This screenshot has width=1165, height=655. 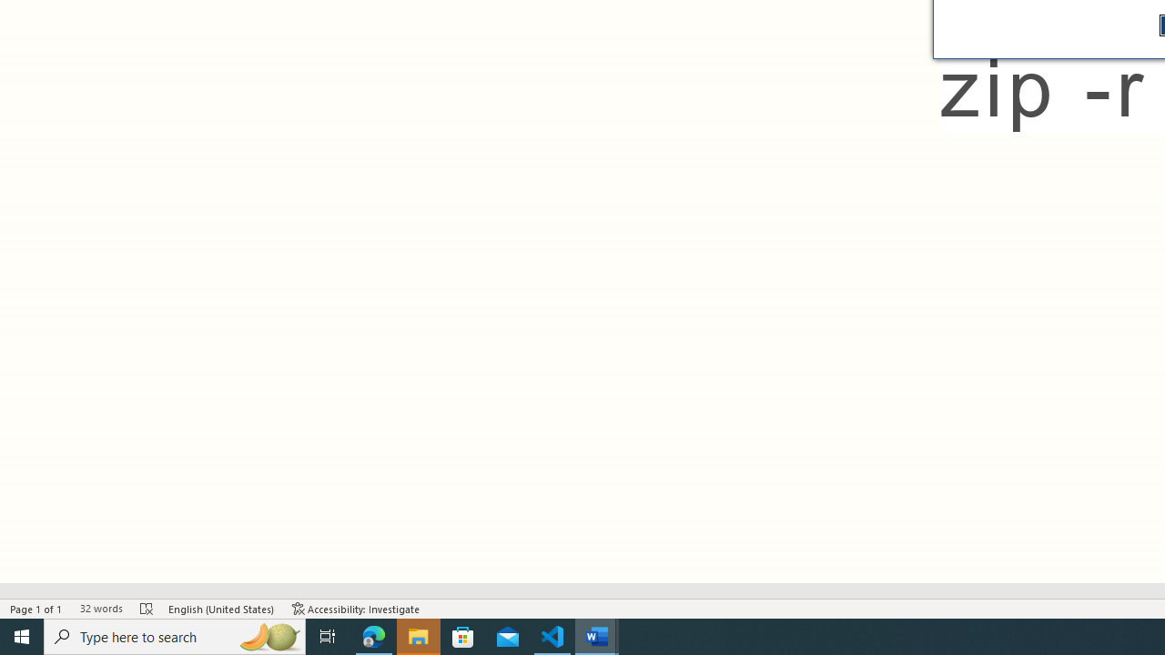 I want to click on 'Page Number Page 1 of 1', so click(x=36, y=609).